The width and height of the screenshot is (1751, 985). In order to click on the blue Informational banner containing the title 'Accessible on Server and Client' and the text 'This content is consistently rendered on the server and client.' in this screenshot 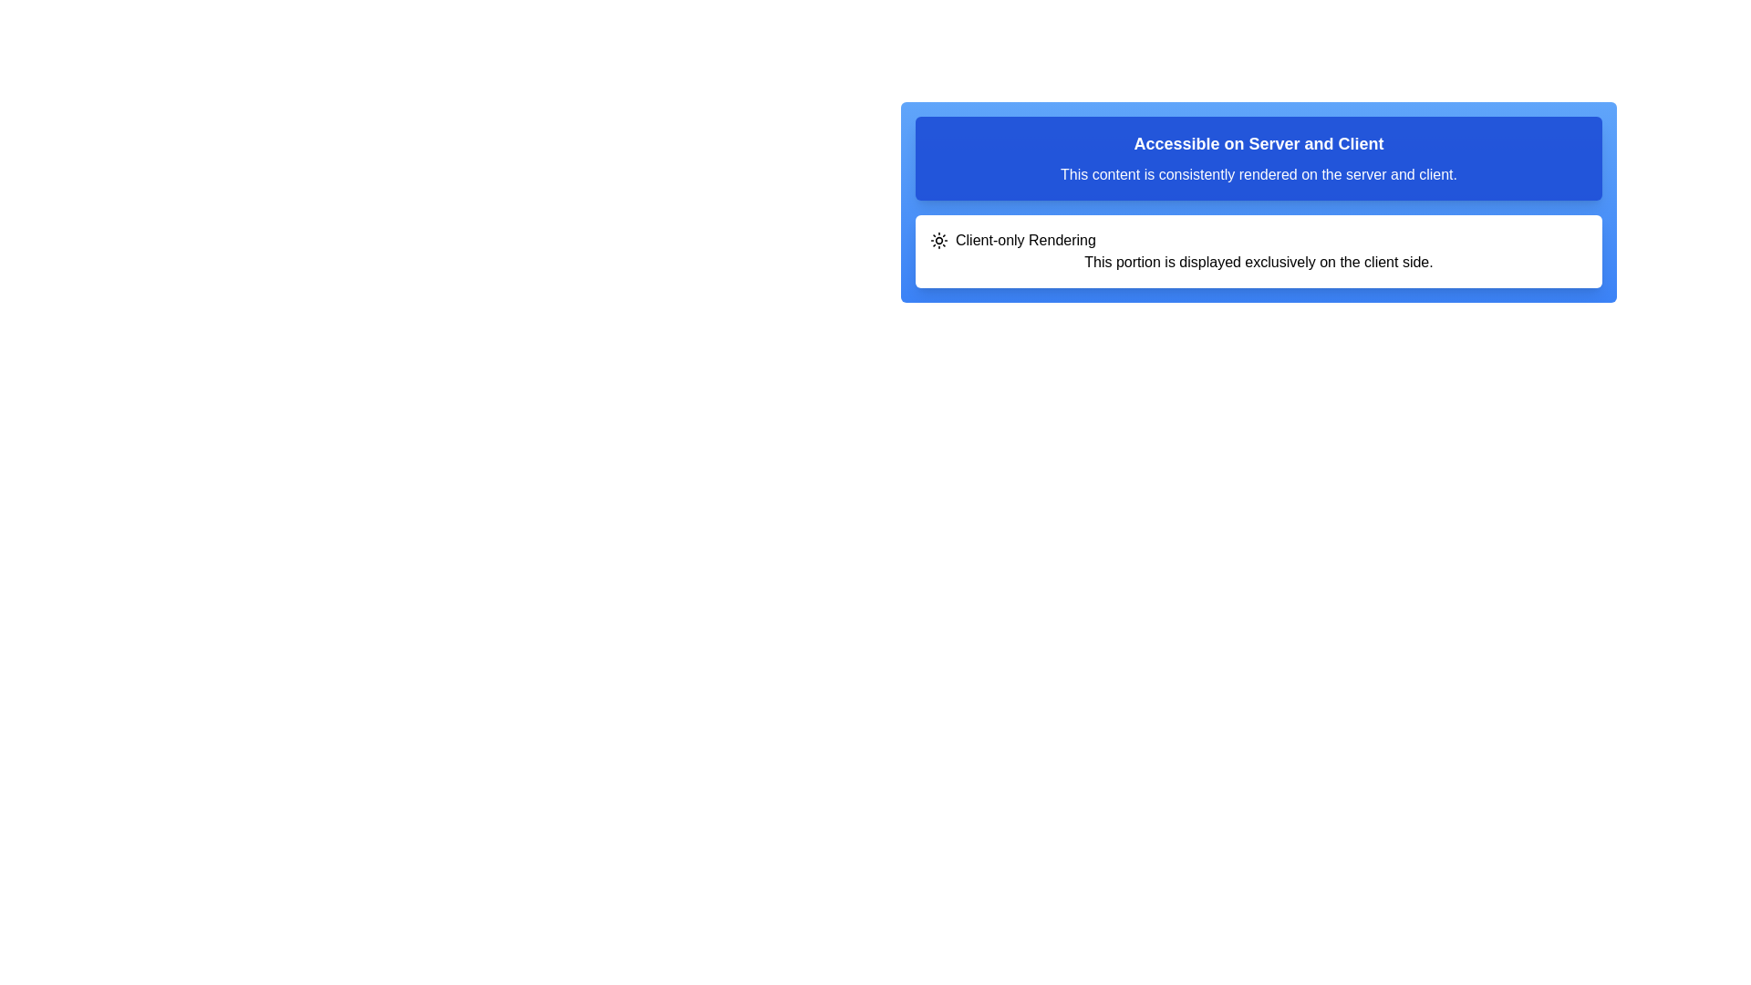, I will do `click(1258, 157)`.